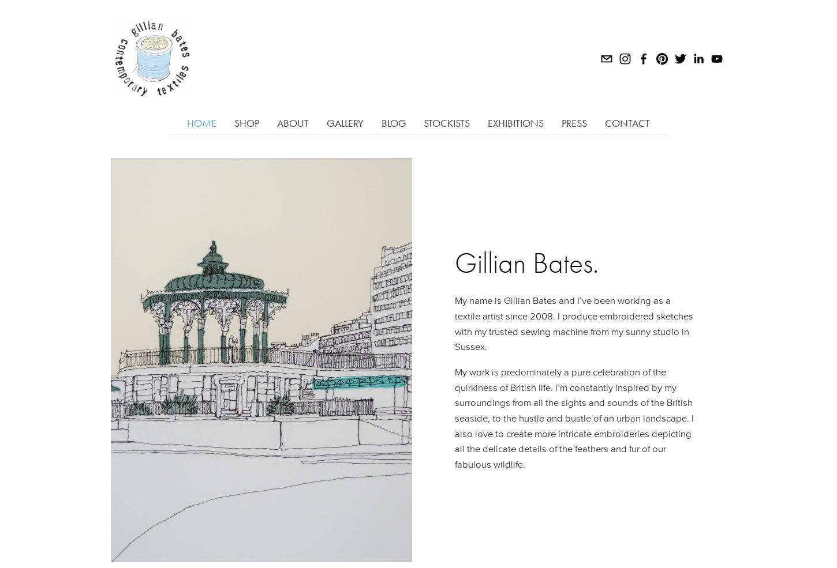 This screenshot has height=568, width=837. I want to click on 'Contact', so click(627, 122).